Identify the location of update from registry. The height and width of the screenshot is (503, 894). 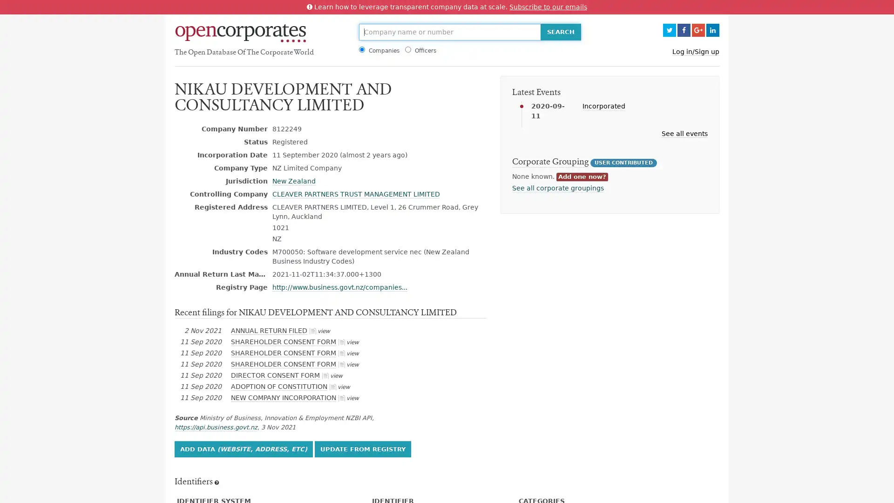
(362, 448).